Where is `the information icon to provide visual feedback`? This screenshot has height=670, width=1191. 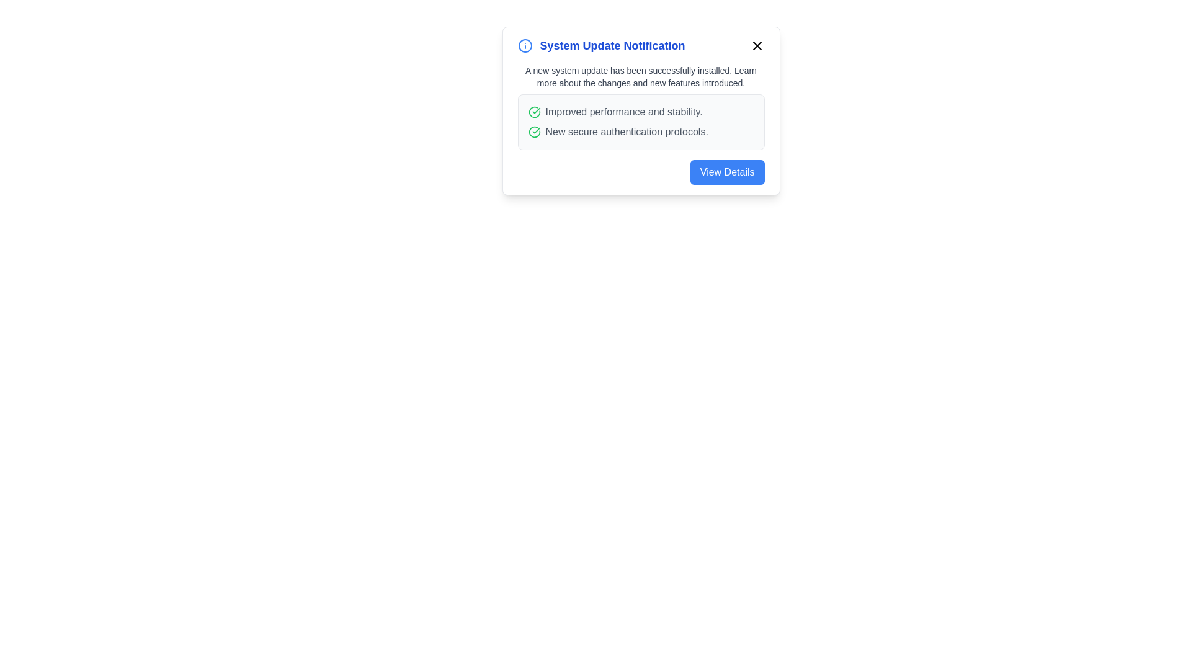
the information icon to provide visual feedback is located at coordinates (525, 45).